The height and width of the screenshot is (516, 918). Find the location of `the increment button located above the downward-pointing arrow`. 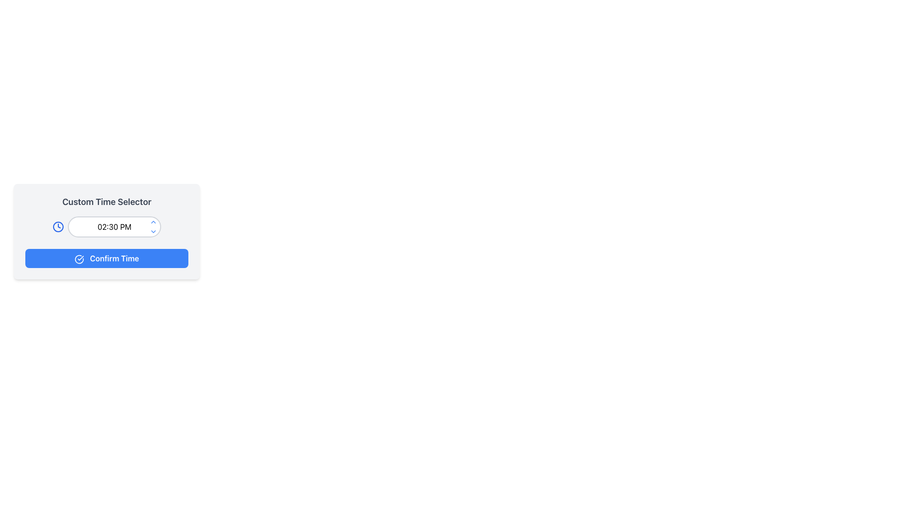

the increment button located above the downward-pointing arrow is located at coordinates (153, 222).